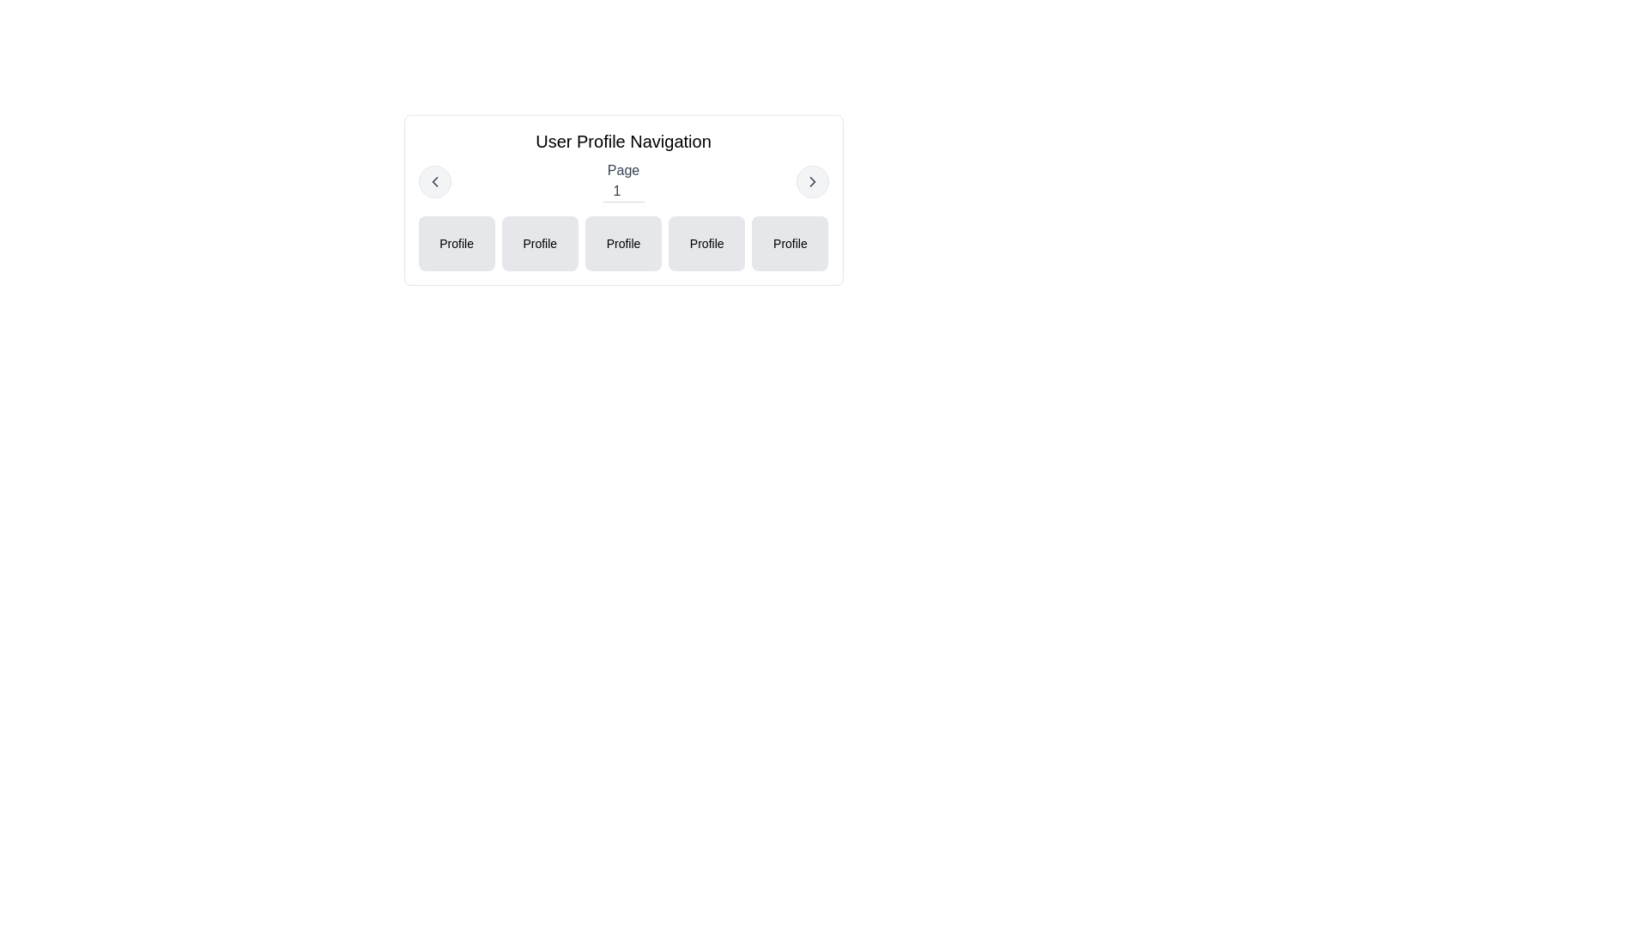  What do you see at coordinates (811, 181) in the screenshot?
I see `the rightward chevron-shaped graphical icon button in the user profile navigation area` at bounding box center [811, 181].